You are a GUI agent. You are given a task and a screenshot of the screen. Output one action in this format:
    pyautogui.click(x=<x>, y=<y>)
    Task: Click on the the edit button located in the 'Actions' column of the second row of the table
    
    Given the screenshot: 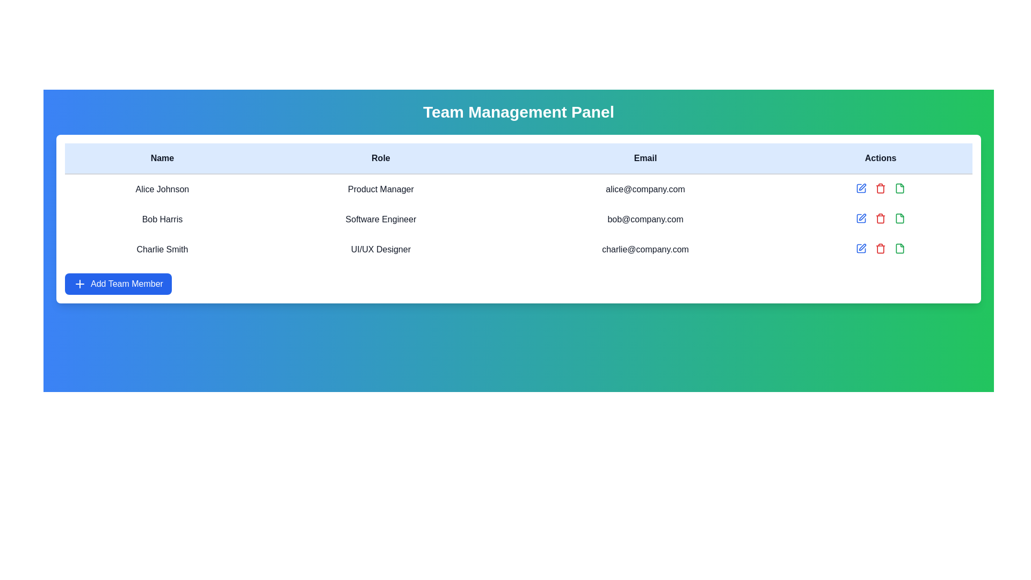 What is the action you would take?
    pyautogui.click(x=861, y=218)
    